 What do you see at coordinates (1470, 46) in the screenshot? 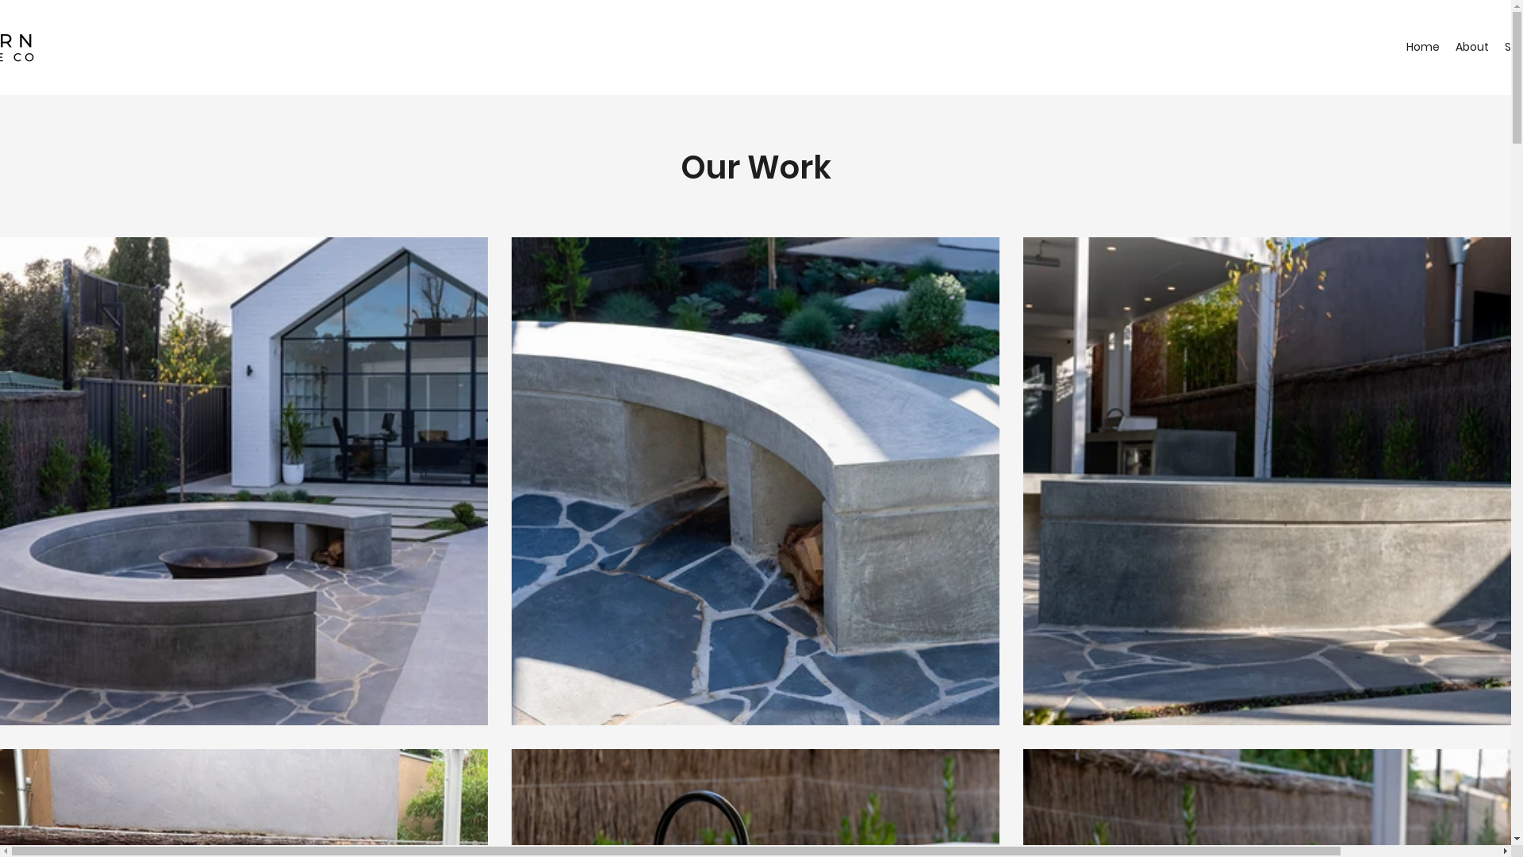
I see `'About'` at bounding box center [1470, 46].